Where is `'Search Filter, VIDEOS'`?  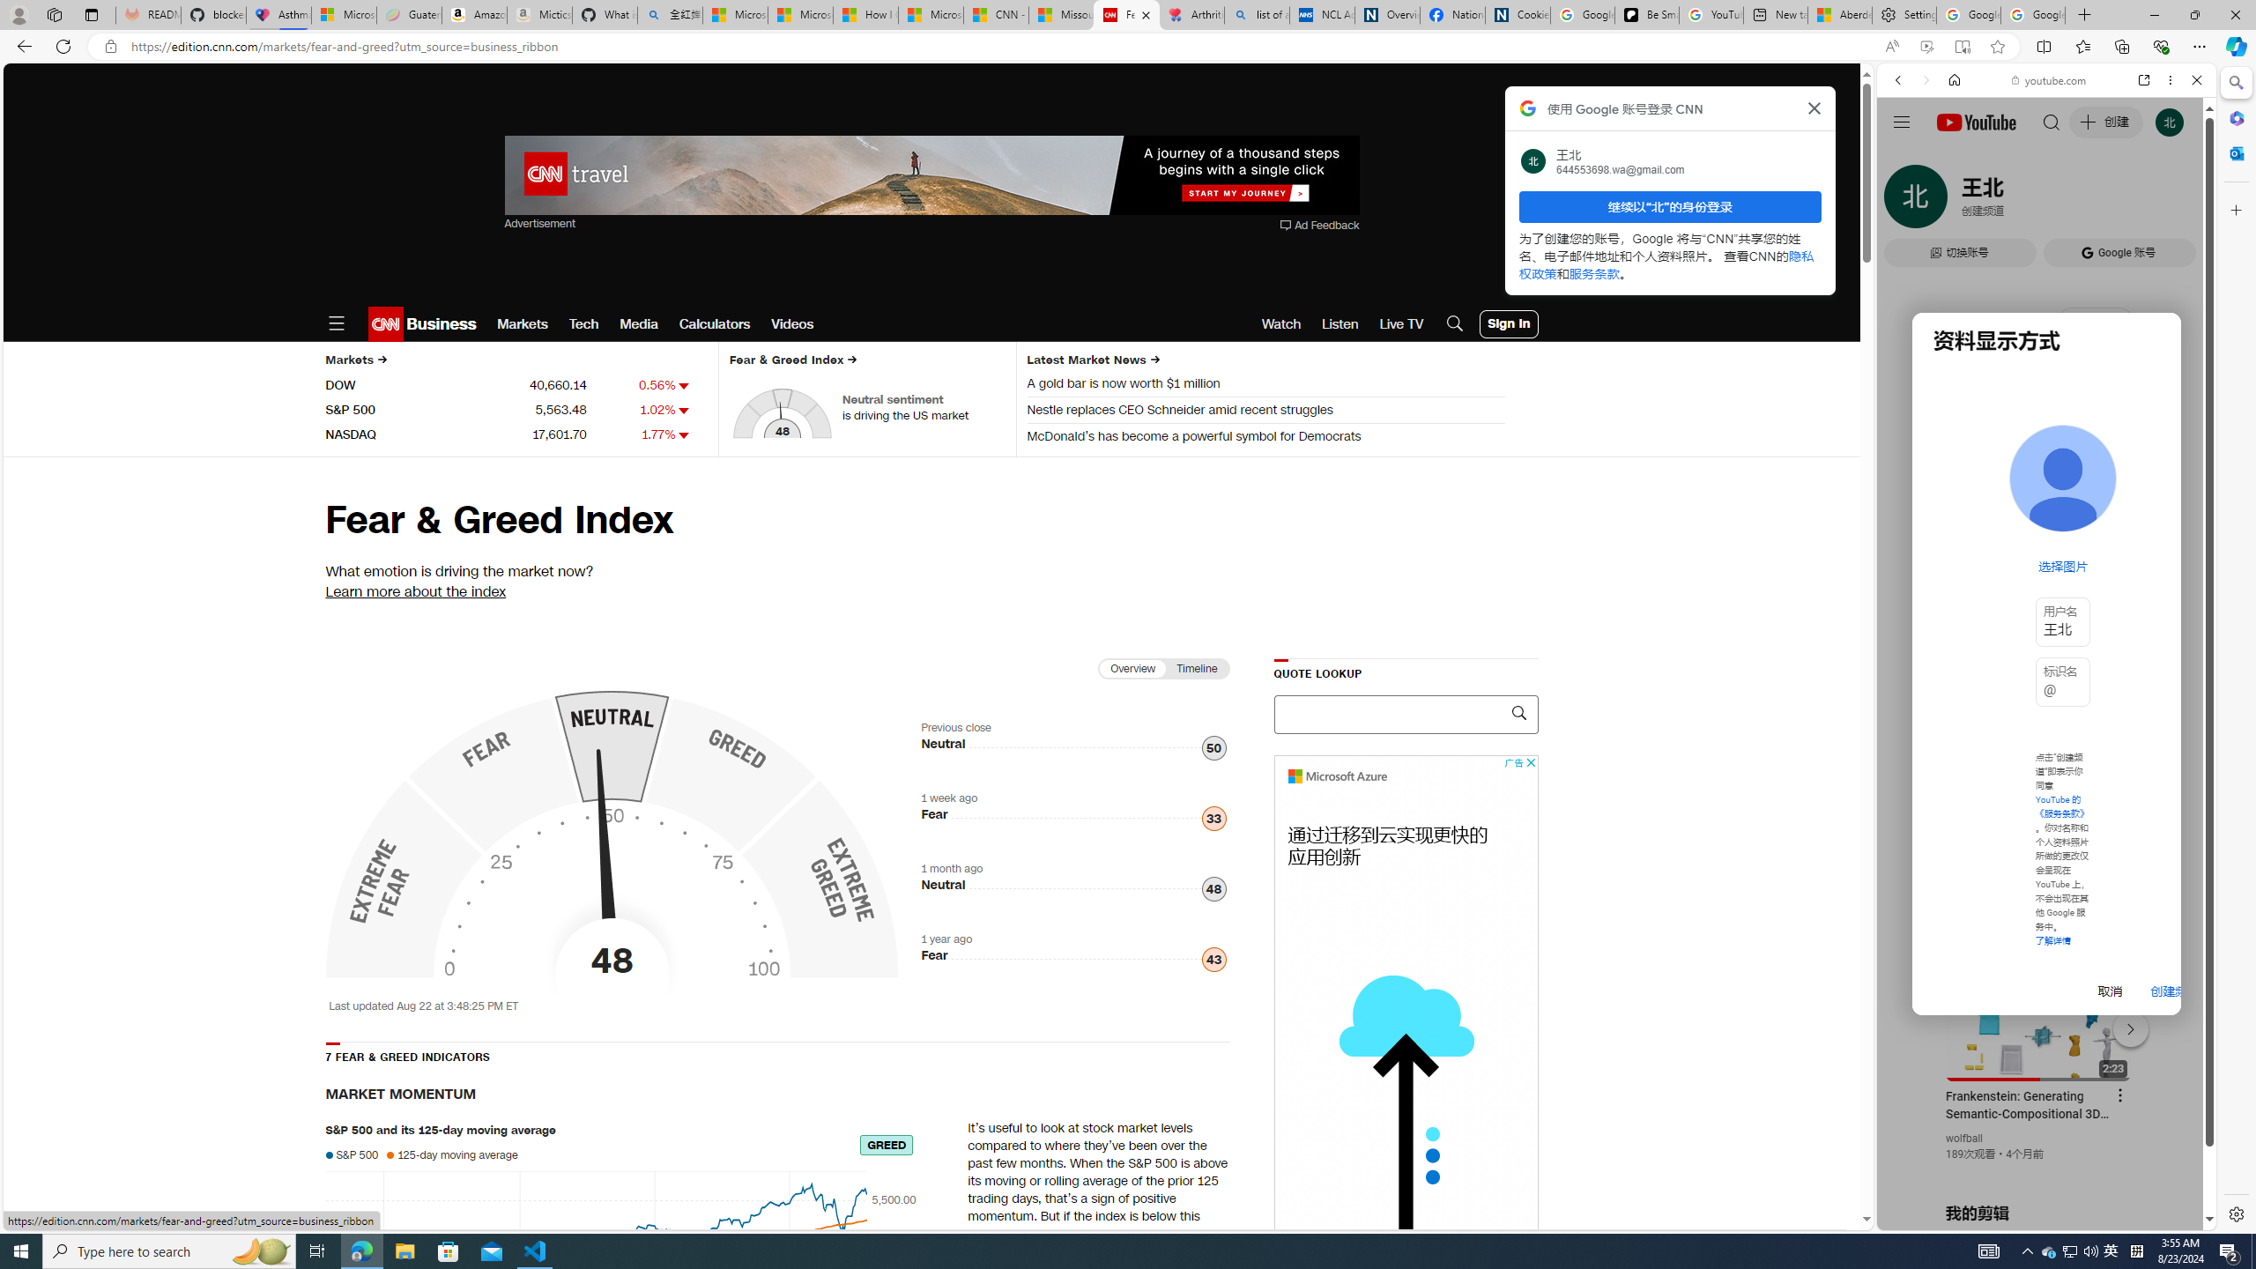 'Search Filter, VIDEOS' is located at coordinates (2015, 200).